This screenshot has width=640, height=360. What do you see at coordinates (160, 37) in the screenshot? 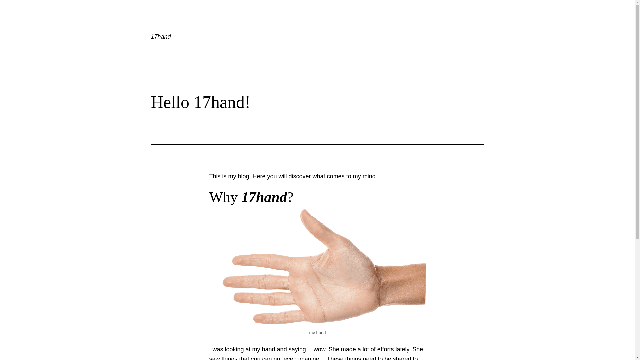
I see `'17hand'` at bounding box center [160, 37].